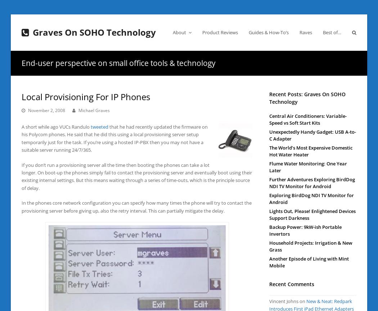 The width and height of the screenshot is (378, 311). Describe the element at coordinates (311, 182) in the screenshot. I see `'Further Adventures Exploring BirdDog NDI TV Monitor for Android'` at that location.